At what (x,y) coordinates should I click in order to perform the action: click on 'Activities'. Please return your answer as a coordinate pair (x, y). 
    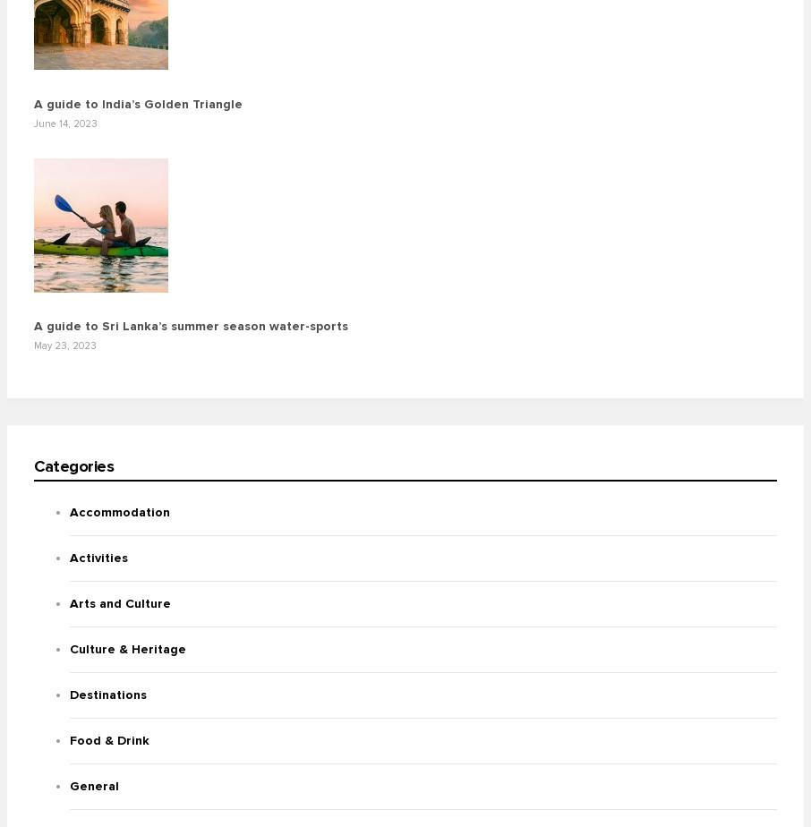
    Looking at the image, I should click on (98, 558).